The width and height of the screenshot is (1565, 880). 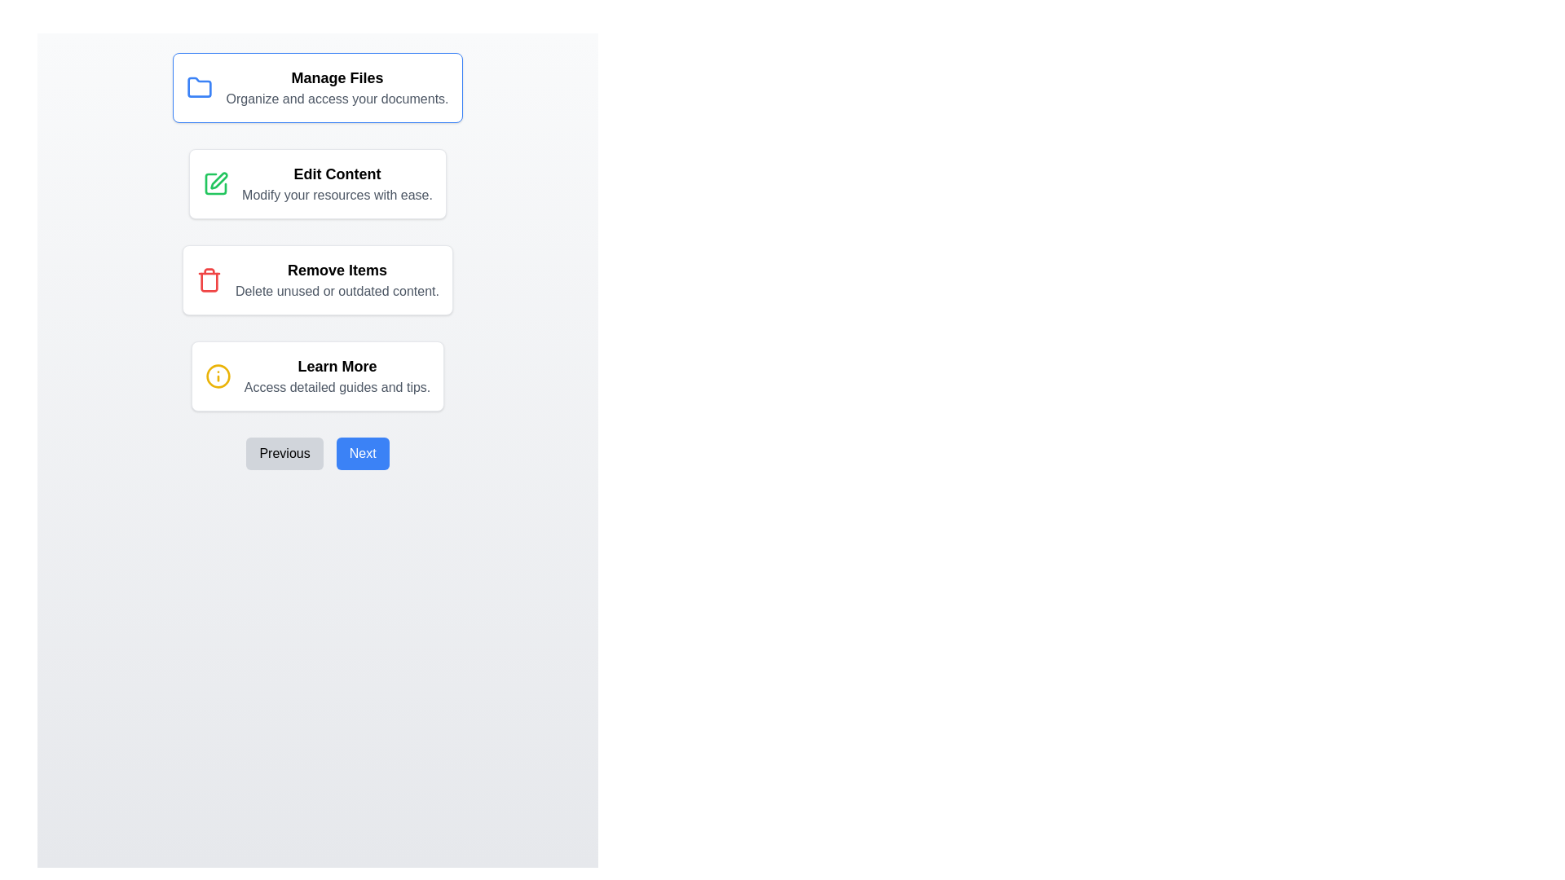 I want to click on the Informational Card, which is the third card in a vertical stack, so click(x=317, y=279).